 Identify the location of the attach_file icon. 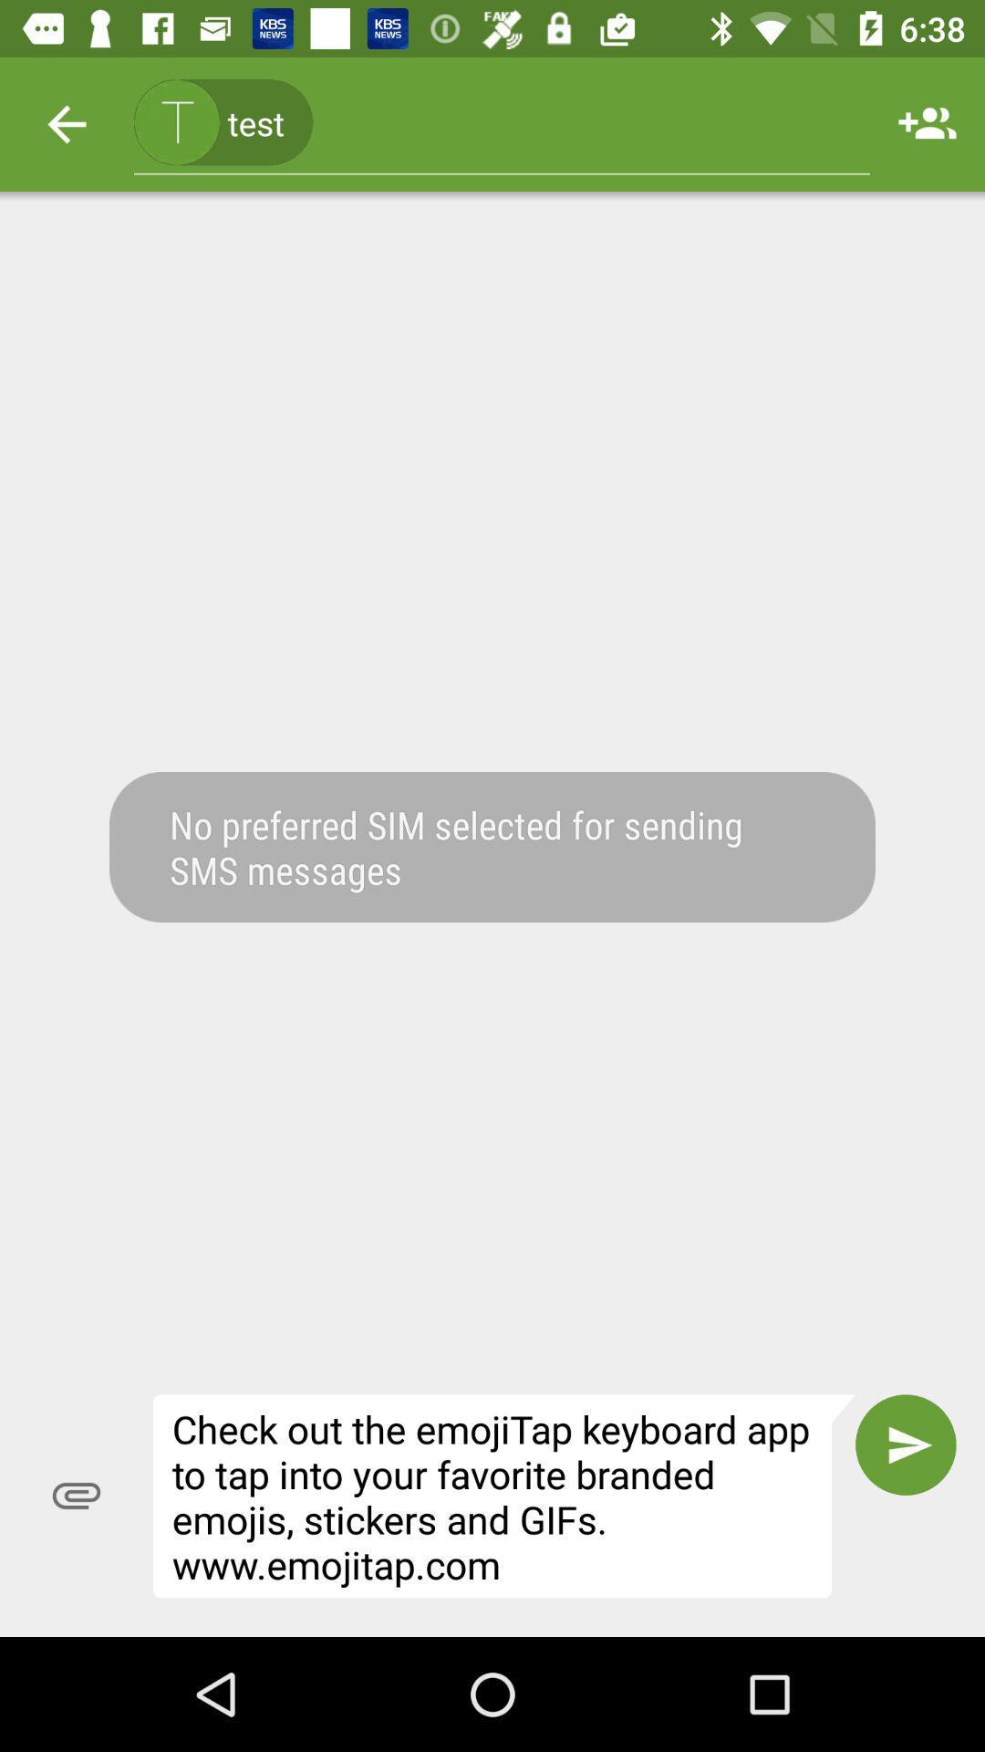
(76, 1496).